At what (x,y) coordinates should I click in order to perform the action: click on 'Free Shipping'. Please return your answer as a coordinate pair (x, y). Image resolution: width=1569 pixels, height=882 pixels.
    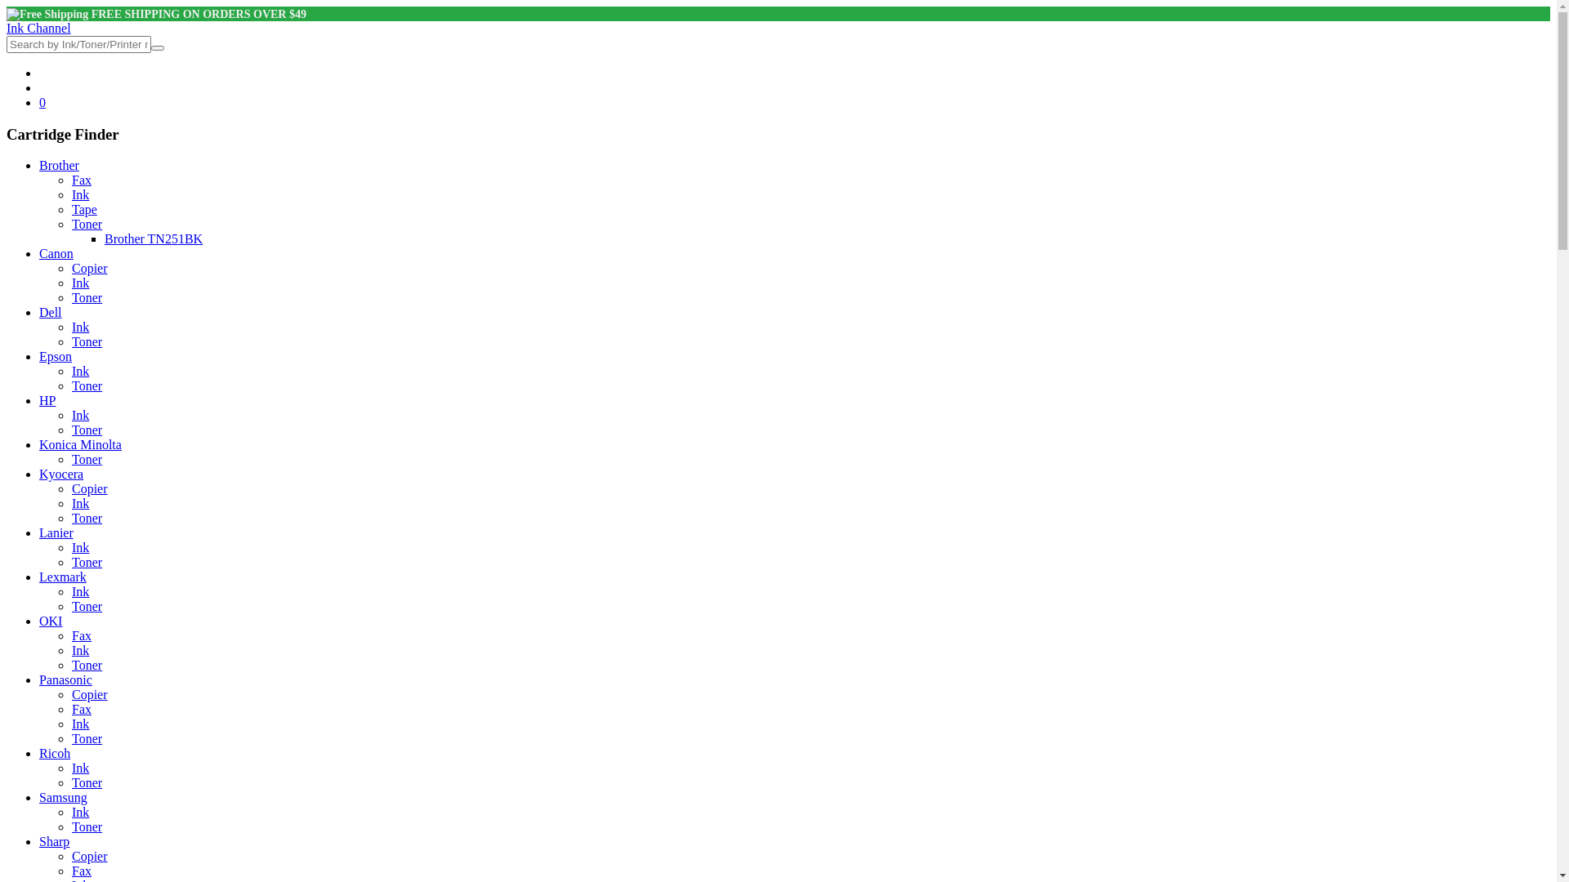
    Looking at the image, I should click on (47, 15).